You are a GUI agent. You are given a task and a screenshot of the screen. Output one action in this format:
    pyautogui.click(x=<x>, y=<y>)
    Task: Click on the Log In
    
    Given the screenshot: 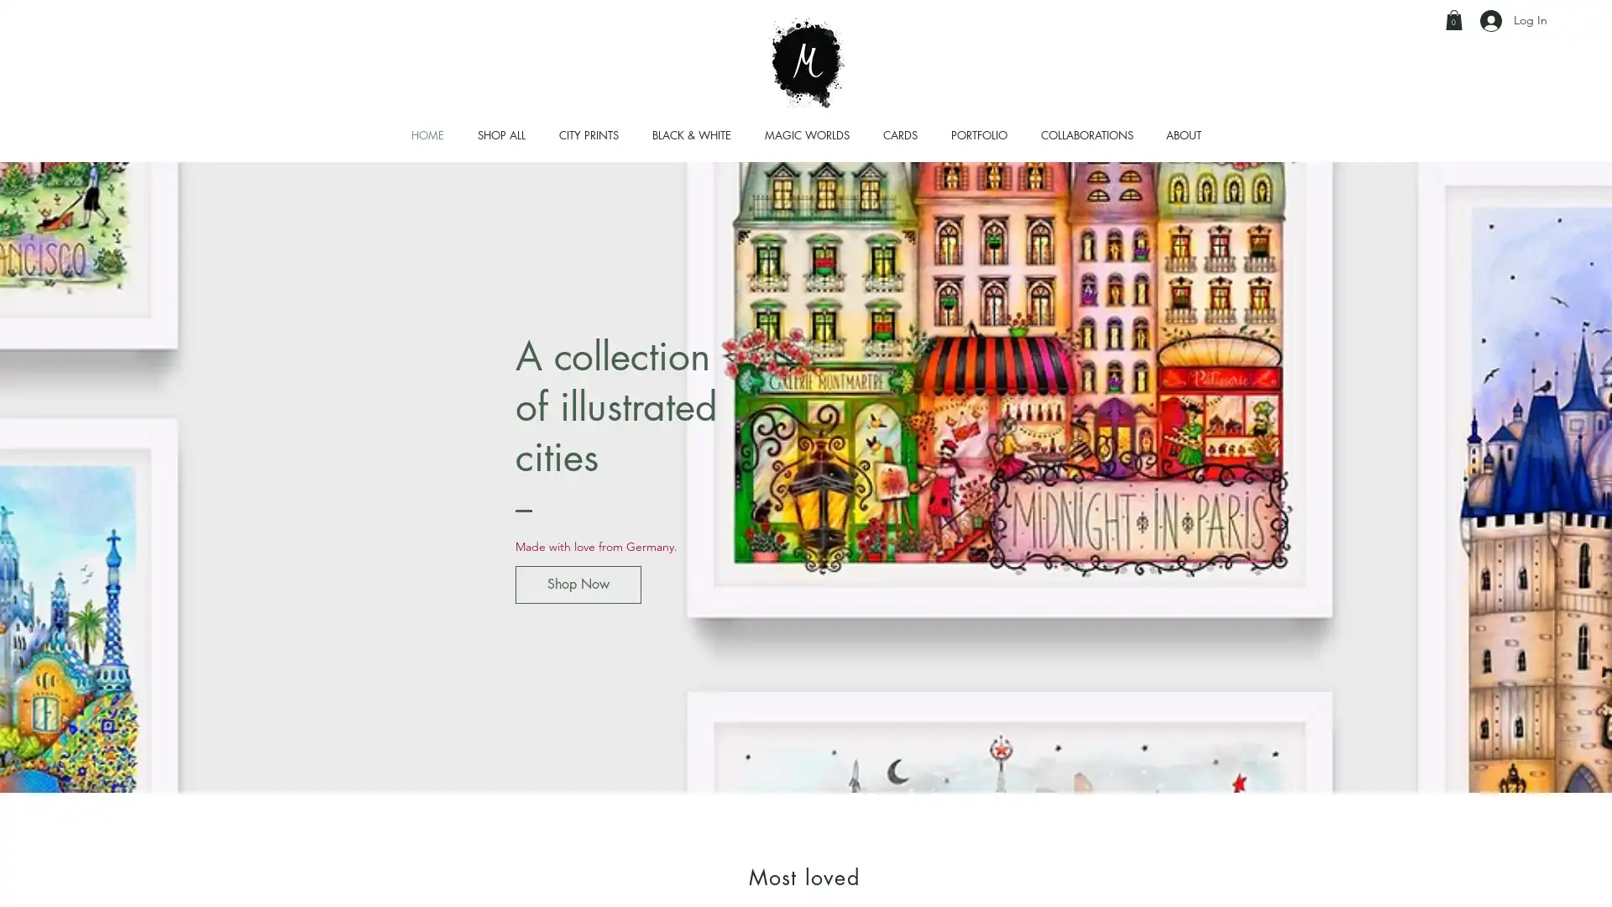 What is the action you would take?
    pyautogui.click(x=1514, y=20)
    